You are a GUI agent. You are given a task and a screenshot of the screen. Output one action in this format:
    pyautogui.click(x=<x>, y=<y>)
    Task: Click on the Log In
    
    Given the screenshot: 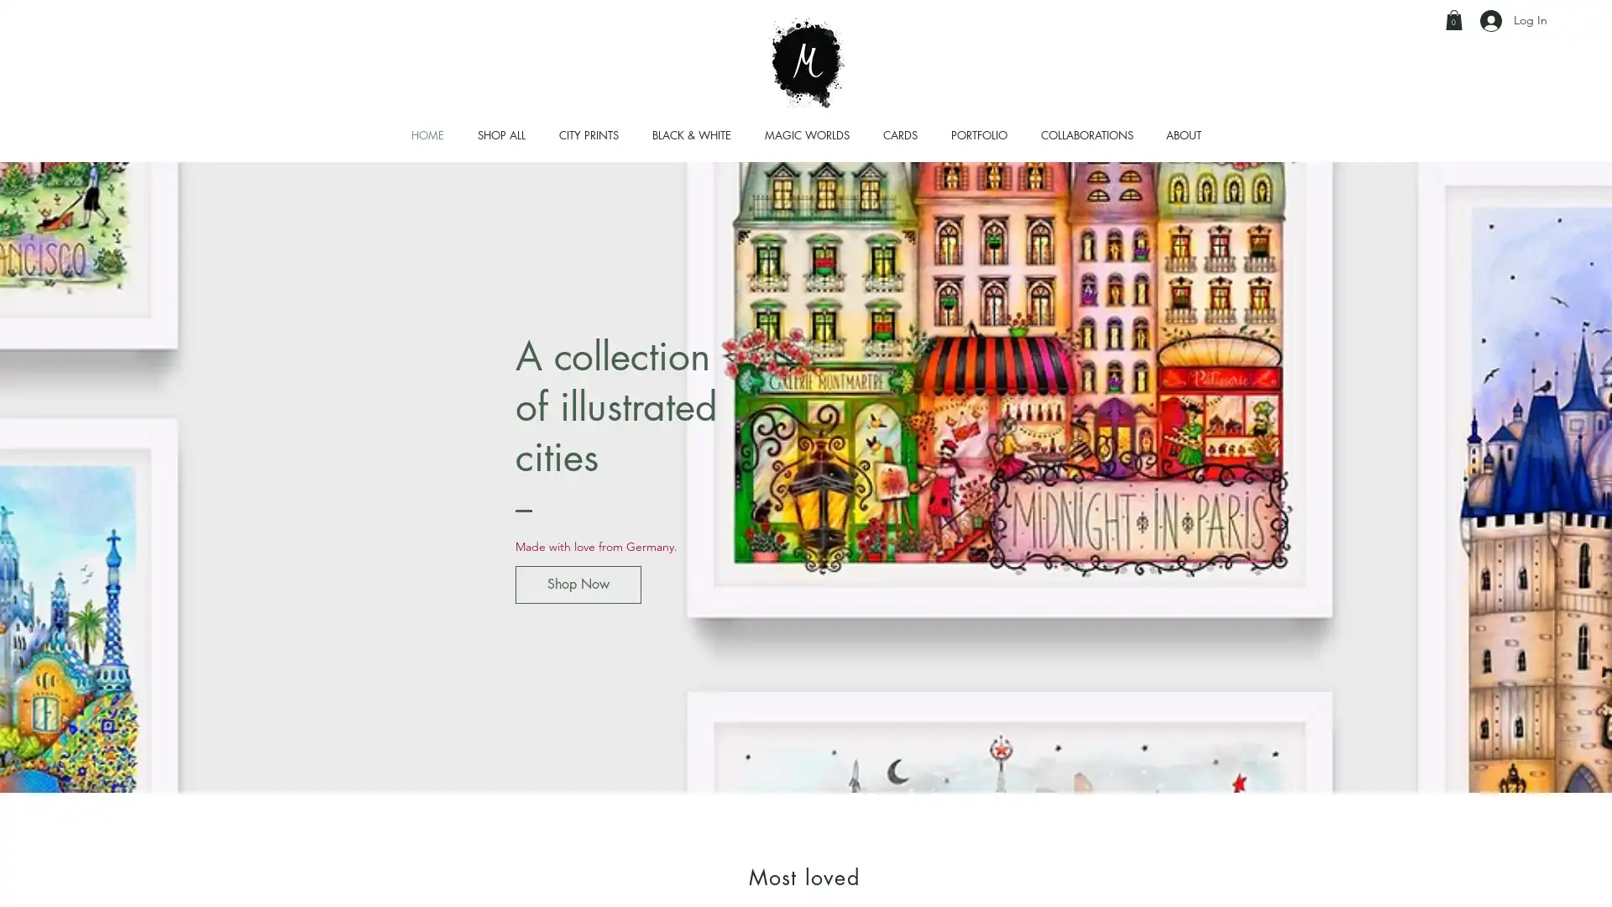 What is the action you would take?
    pyautogui.click(x=1514, y=20)
    